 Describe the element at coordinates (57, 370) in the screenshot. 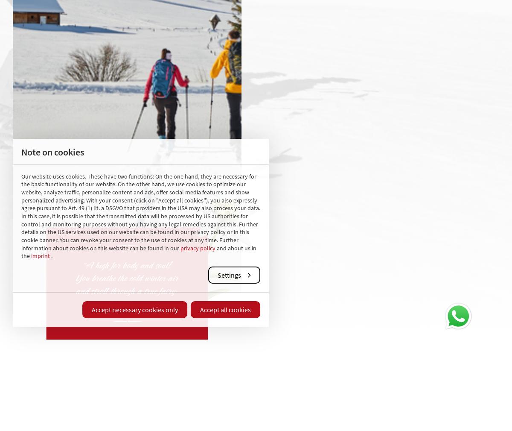

I see `'Do you have any further questions? We are very happy to help you.'` at that location.